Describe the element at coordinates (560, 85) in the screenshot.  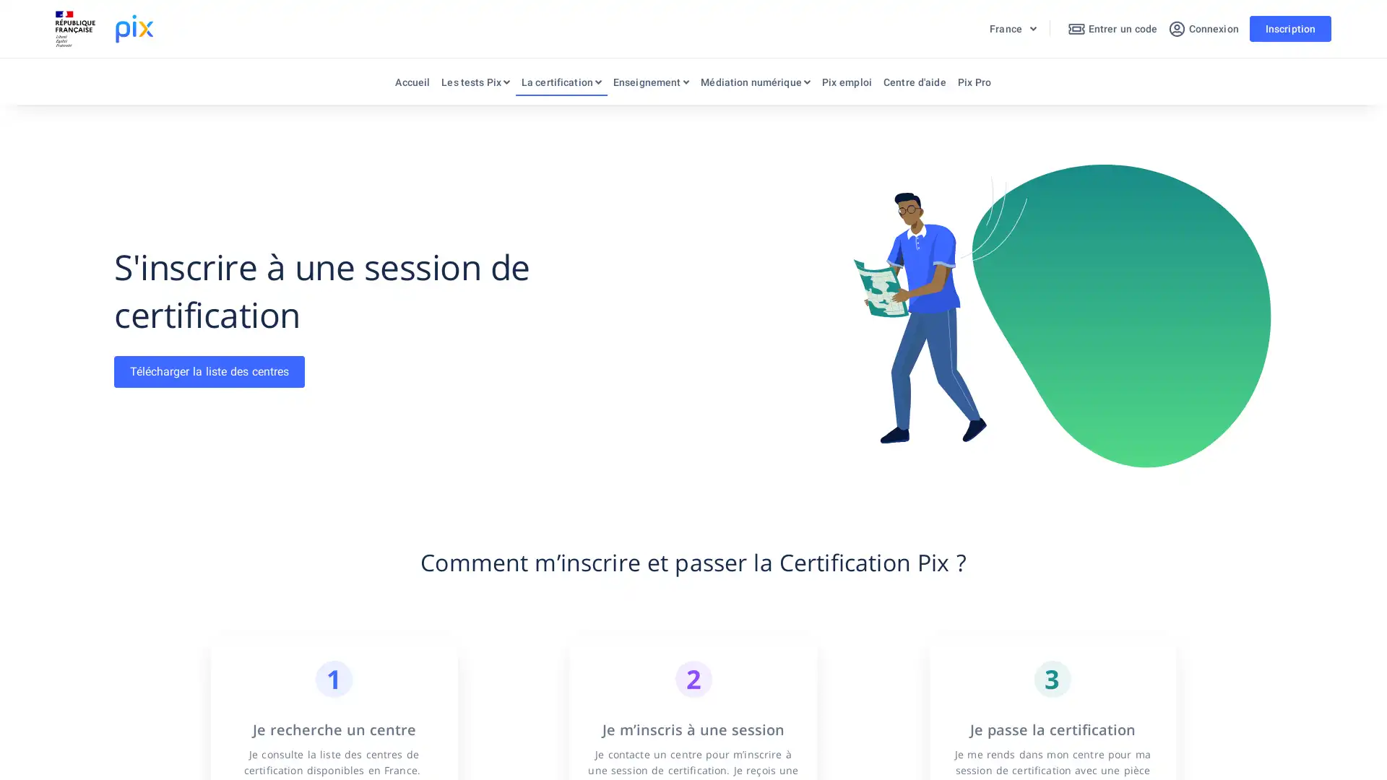
I see `La certification` at that location.